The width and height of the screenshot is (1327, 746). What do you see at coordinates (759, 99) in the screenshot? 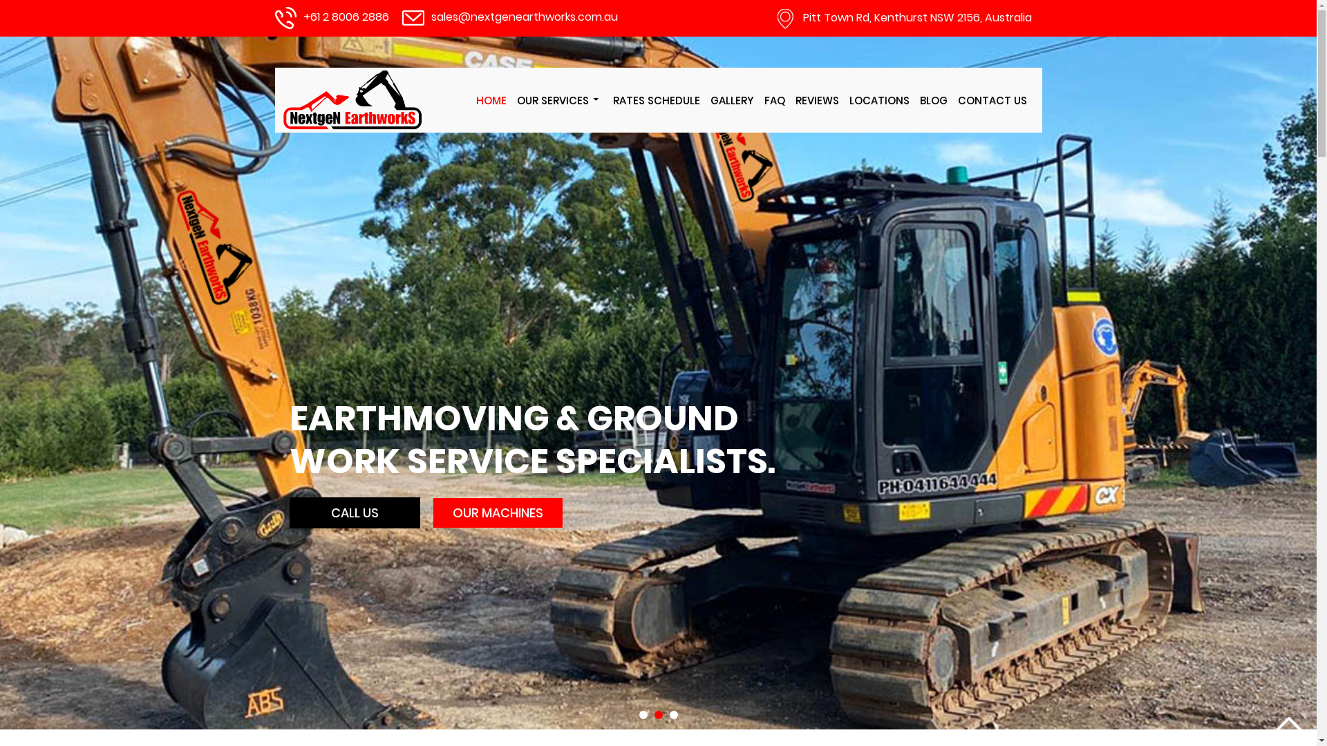
I see `'FAQ'` at bounding box center [759, 99].